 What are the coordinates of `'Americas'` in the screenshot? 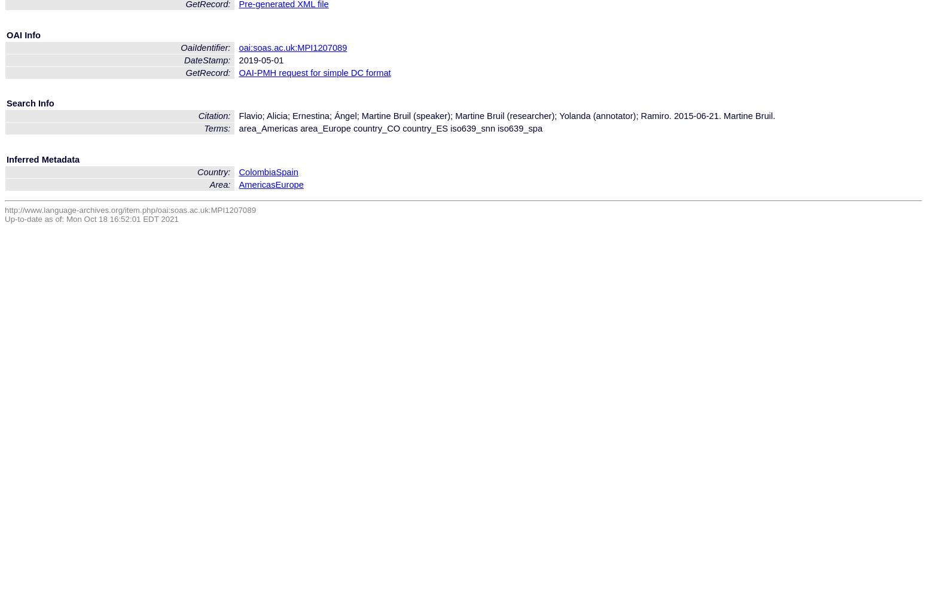 It's located at (257, 184).